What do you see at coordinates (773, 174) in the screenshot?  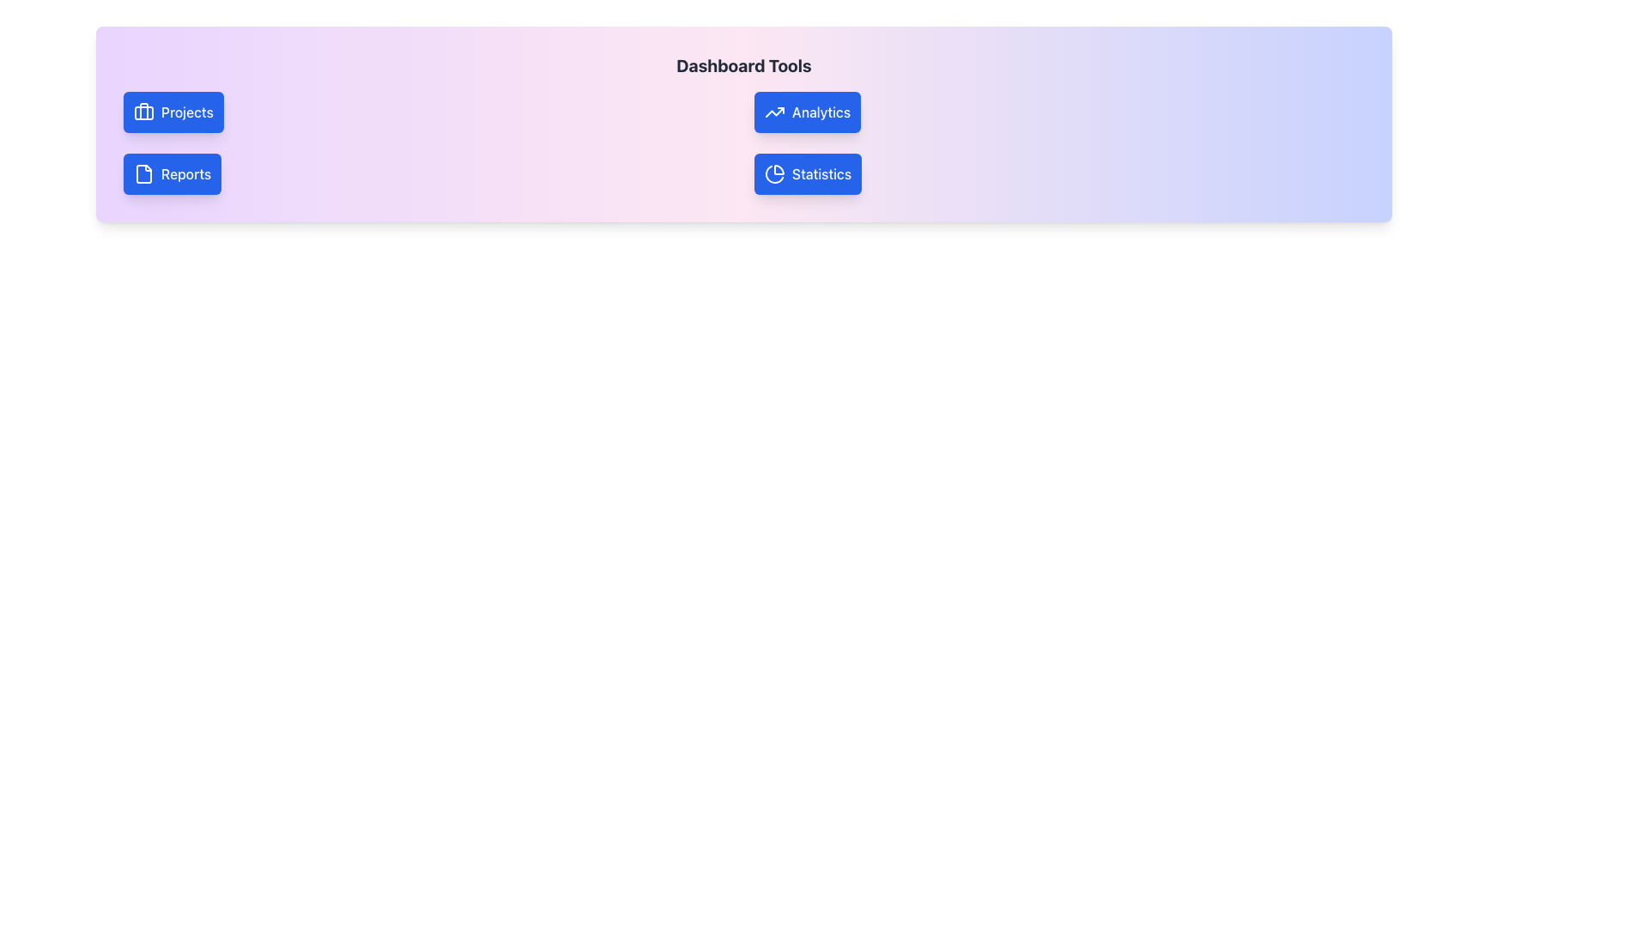 I see `the circular pie chart icon located in the center of the blue button labeled 'Statistics' in the bottom-right portion of the interface under the 'Dashboard Tools' section` at bounding box center [773, 174].